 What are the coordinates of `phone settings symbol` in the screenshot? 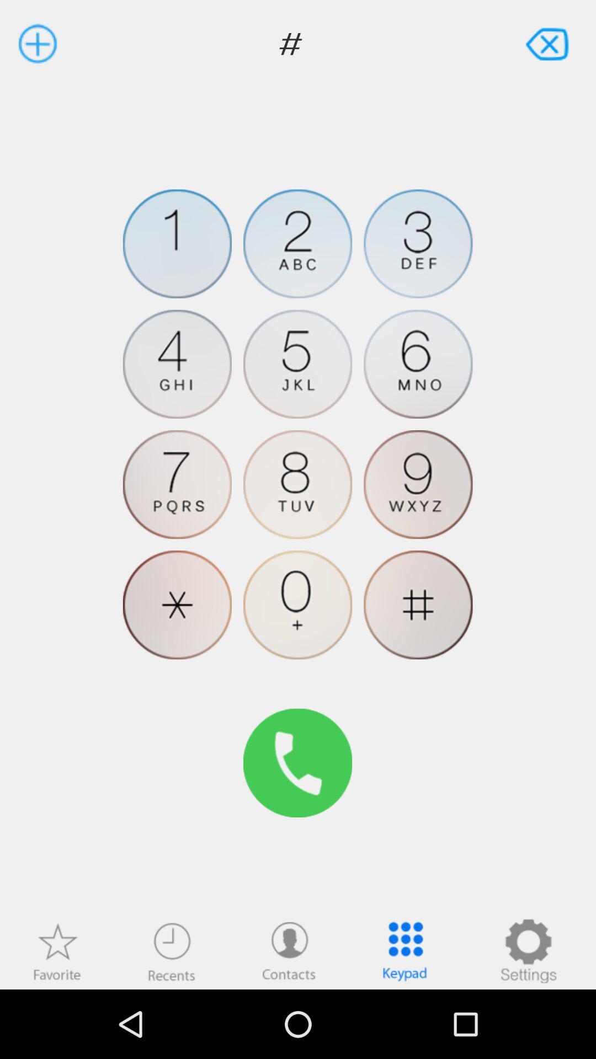 It's located at (528, 950).